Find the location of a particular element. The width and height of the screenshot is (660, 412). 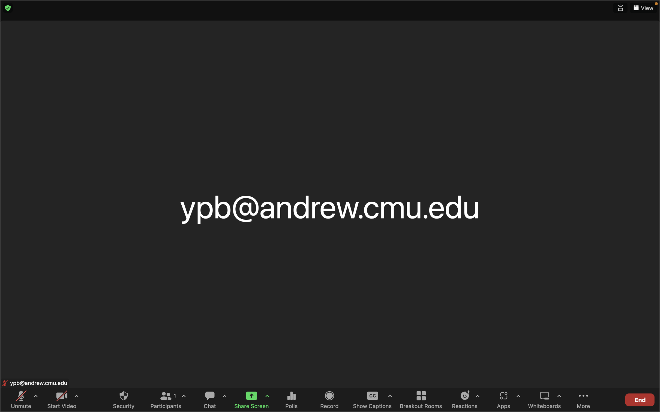

the whiteboard options is located at coordinates (559, 400).